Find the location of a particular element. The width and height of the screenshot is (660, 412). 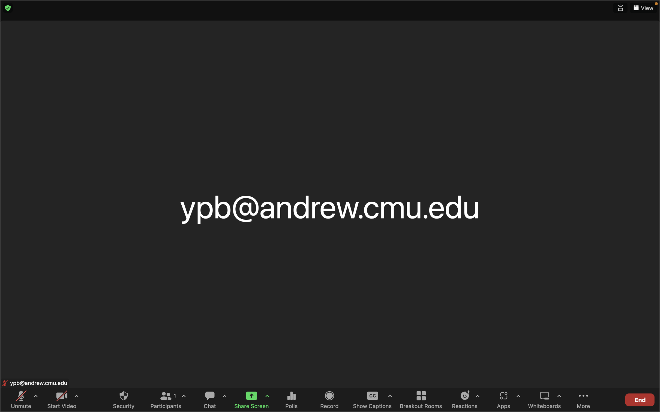

the whiteboard options is located at coordinates (559, 400).